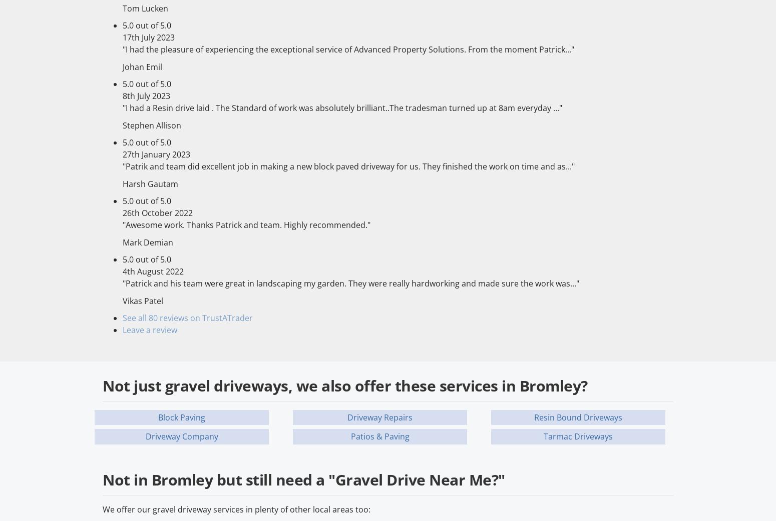 The image size is (776, 521). Describe the element at coordinates (196, 318) in the screenshot. I see `'on'` at that location.